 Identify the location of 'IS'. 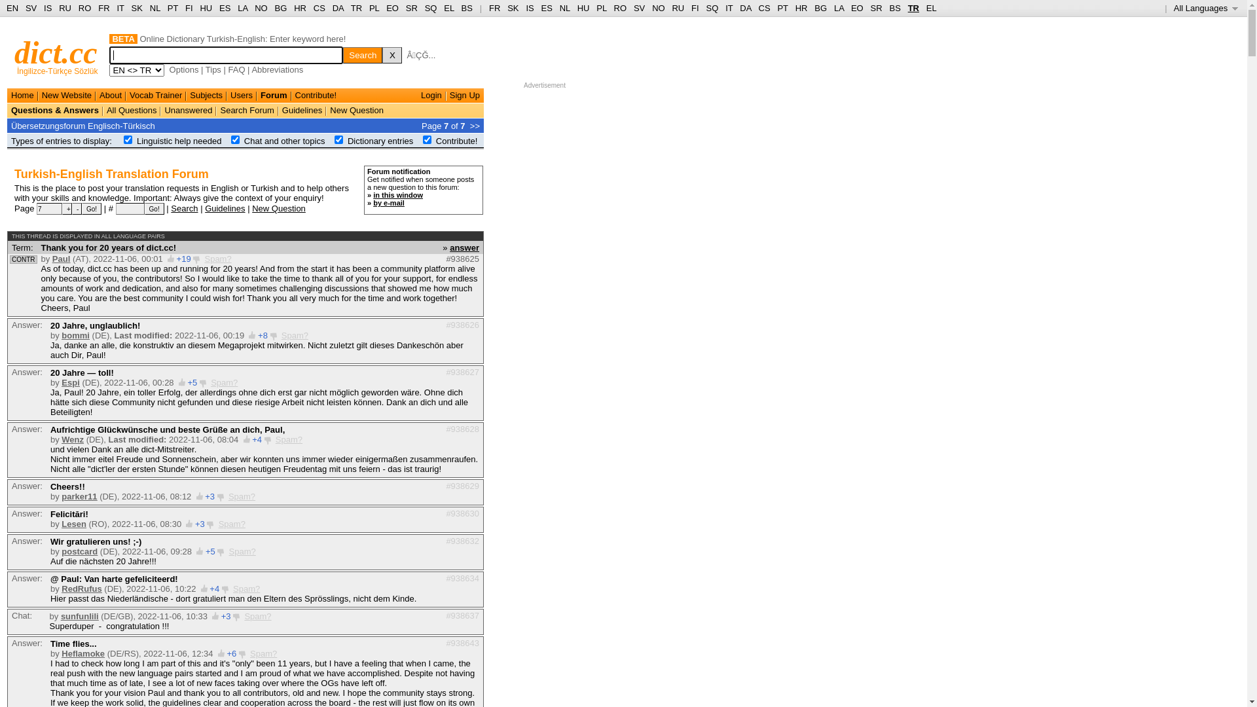
(525, 8).